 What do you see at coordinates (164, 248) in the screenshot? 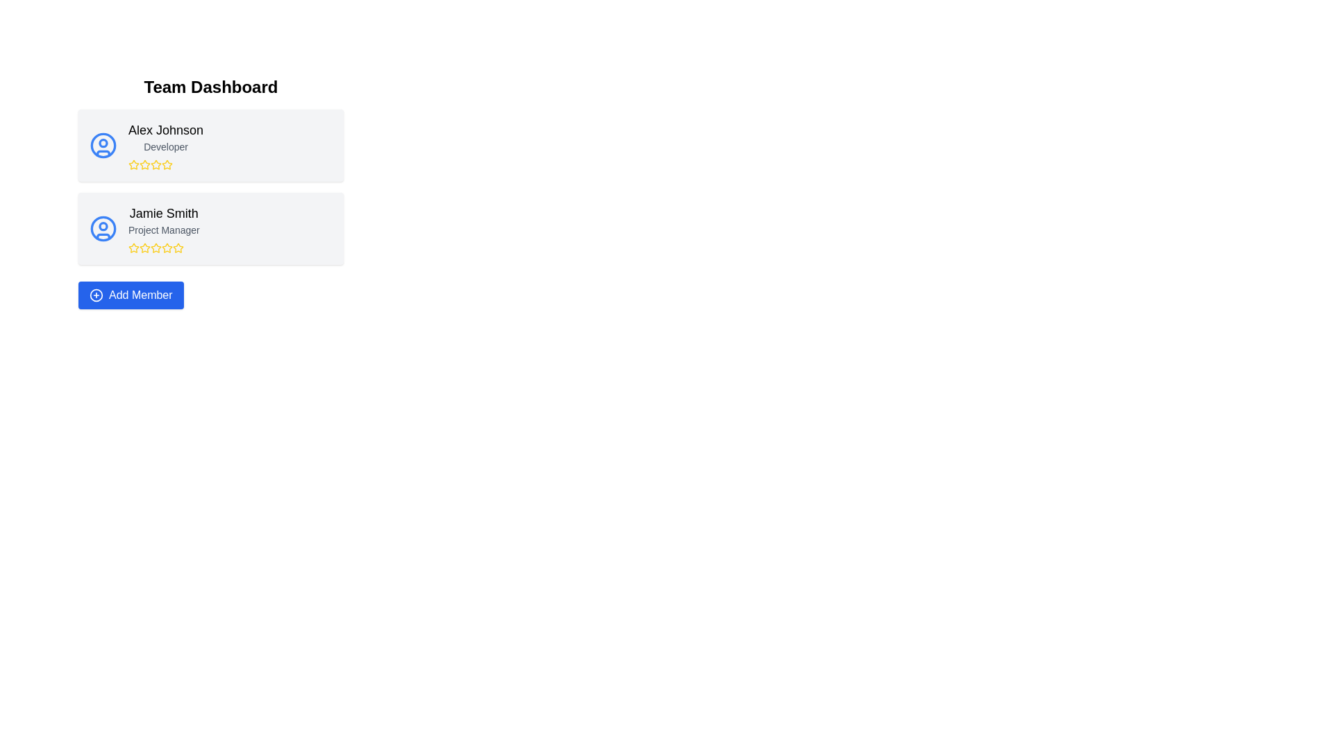
I see `the star rating component located under the 'Jamie Smith - Project Manager' section` at bounding box center [164, 248].